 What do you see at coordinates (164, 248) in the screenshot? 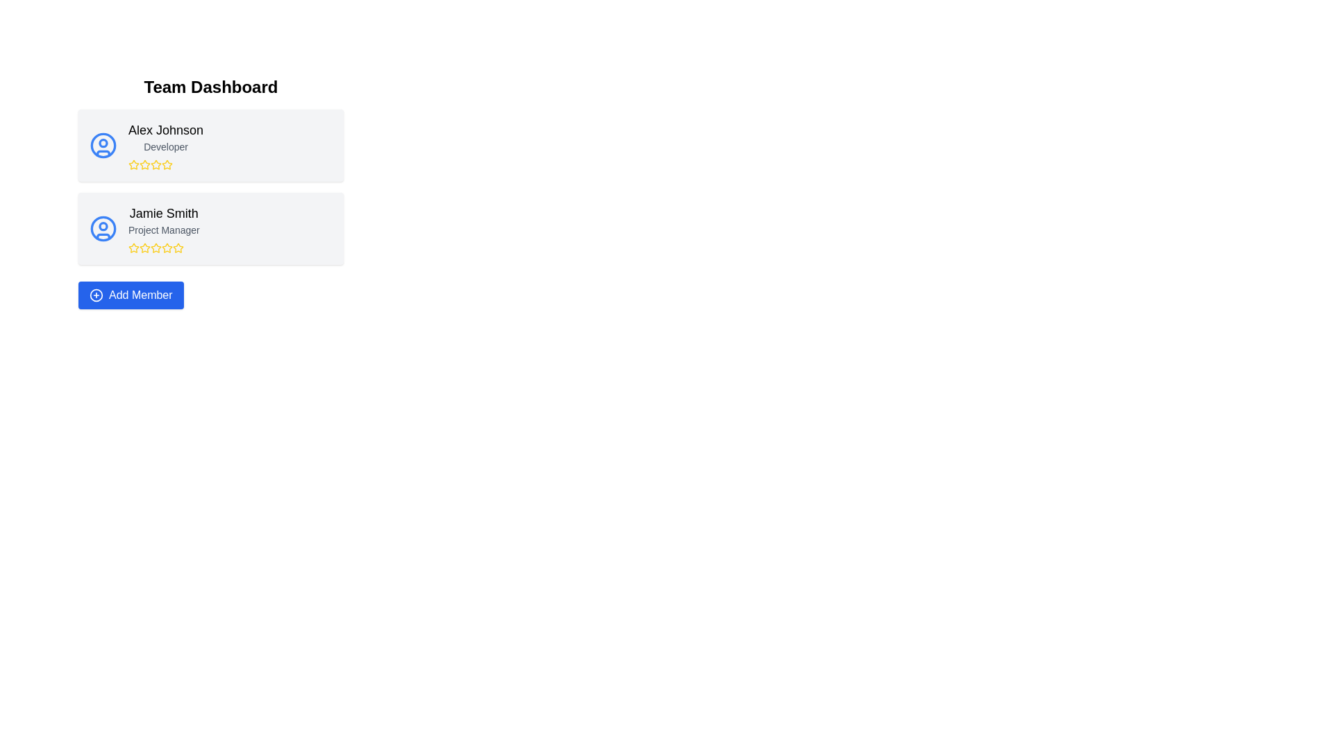
I see `the star rating component located under the 'Jamie Smith - Project Manager' section` at bounding box center [164, 248].